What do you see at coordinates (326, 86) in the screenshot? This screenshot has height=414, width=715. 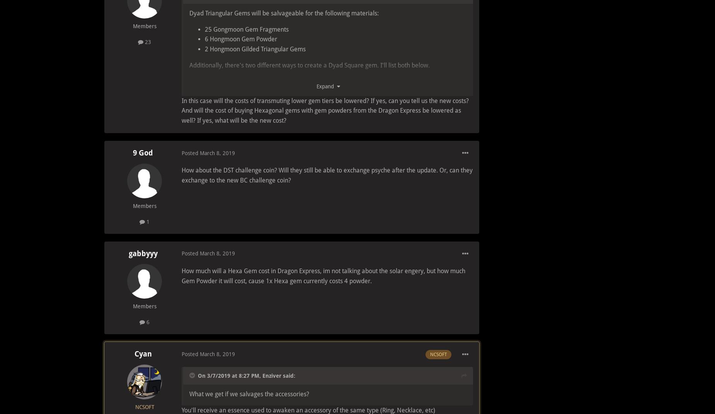 I see `'Expand'` at bounding box center [326, 86].